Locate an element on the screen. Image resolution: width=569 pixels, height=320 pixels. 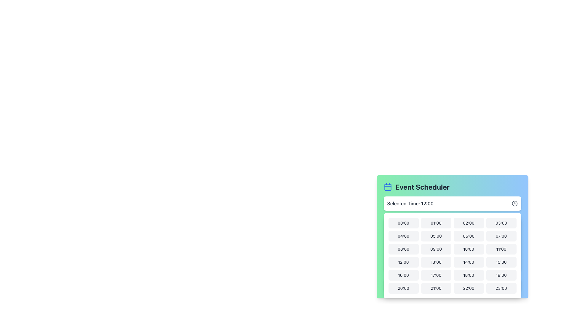
the button for selecting the time '01:00' in the 'Event Scheduler' interface is located at coordinates (436, 223).